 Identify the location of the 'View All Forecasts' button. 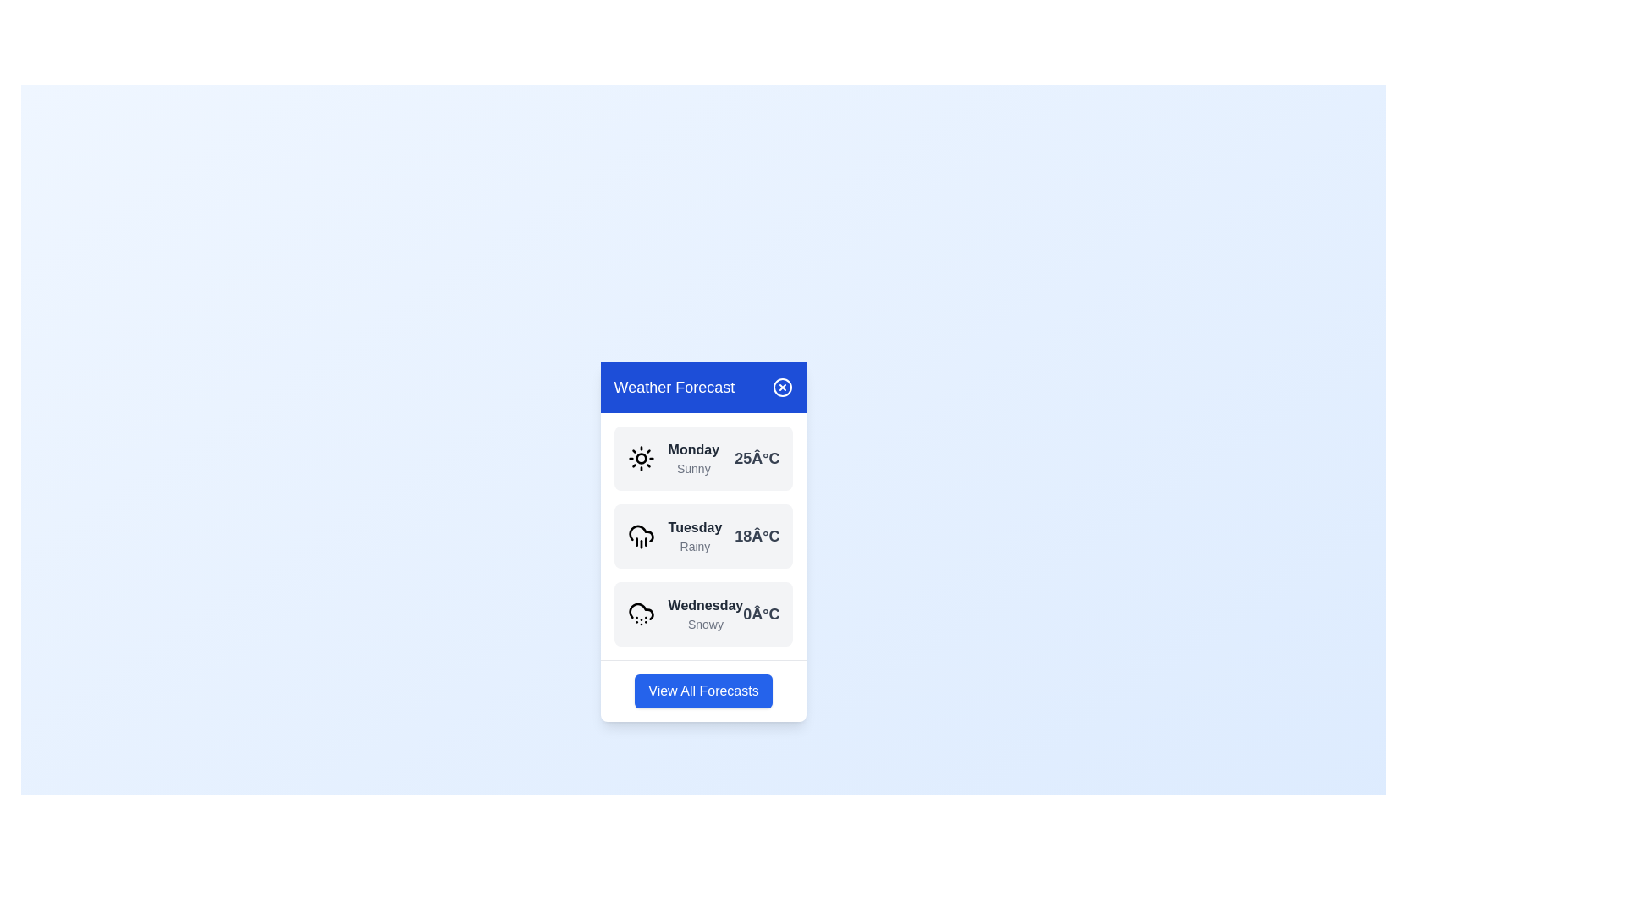
(702, 691).